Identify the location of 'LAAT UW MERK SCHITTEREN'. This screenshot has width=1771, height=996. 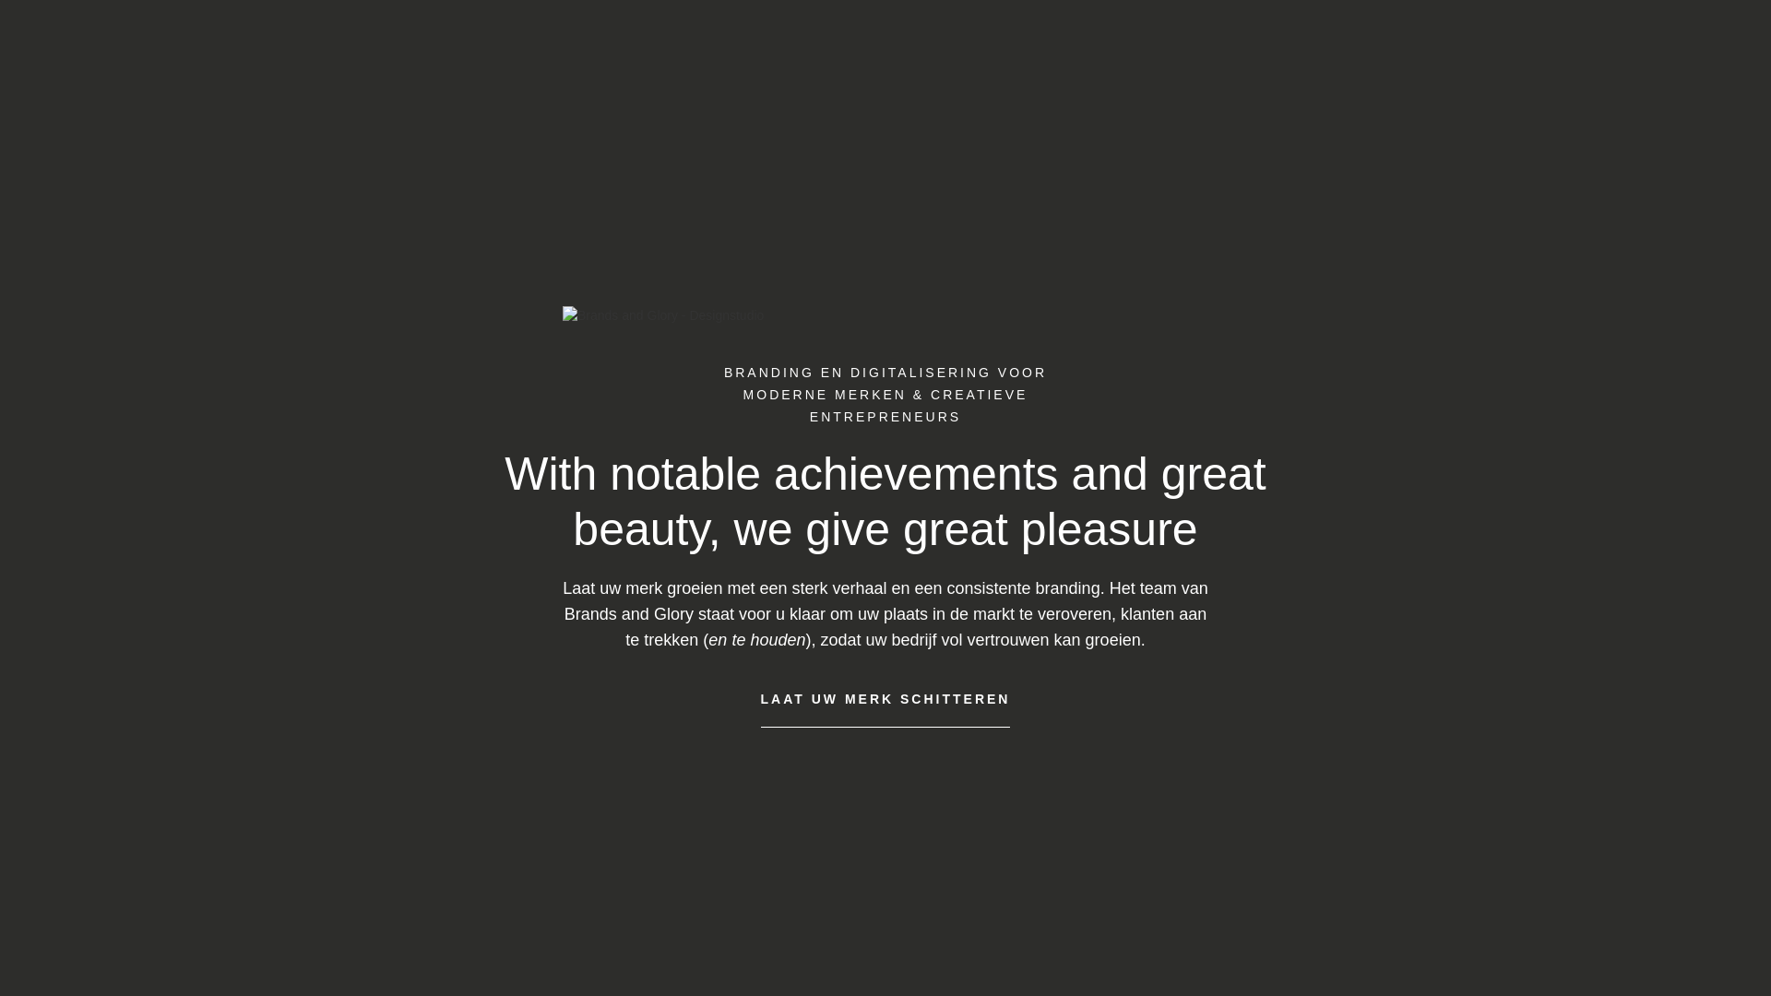
(885, 699).